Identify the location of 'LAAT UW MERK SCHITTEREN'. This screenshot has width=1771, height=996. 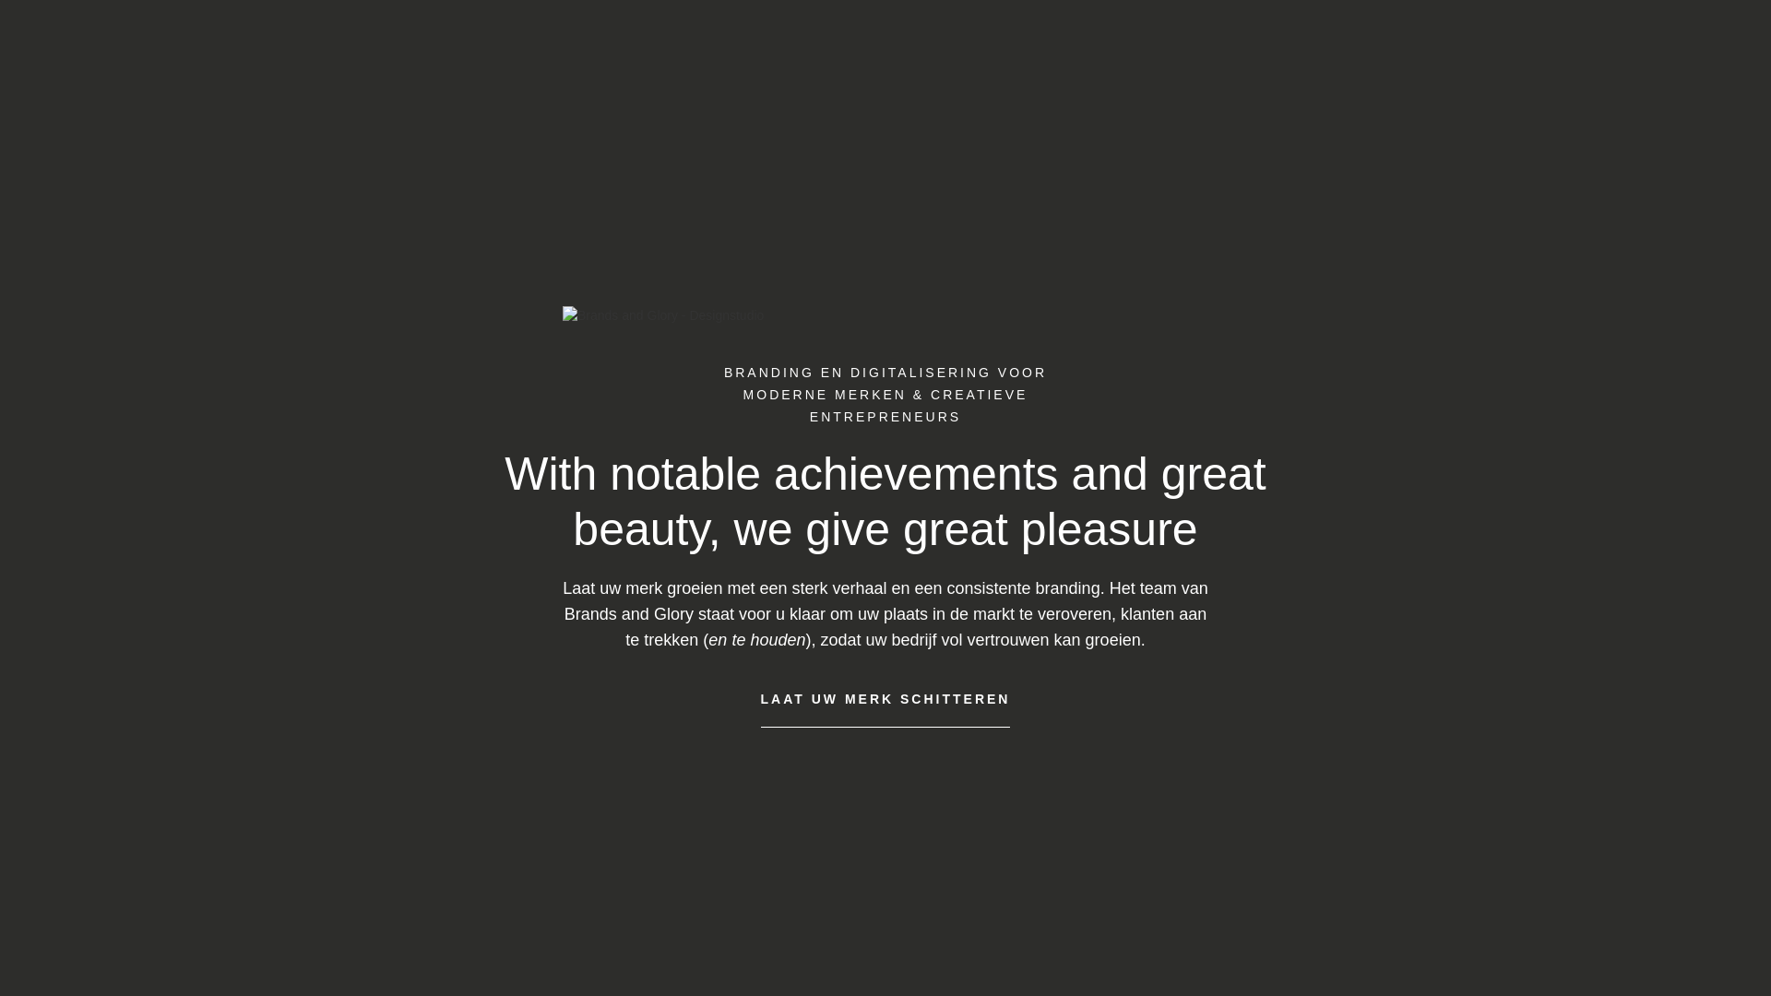
(885, 699).